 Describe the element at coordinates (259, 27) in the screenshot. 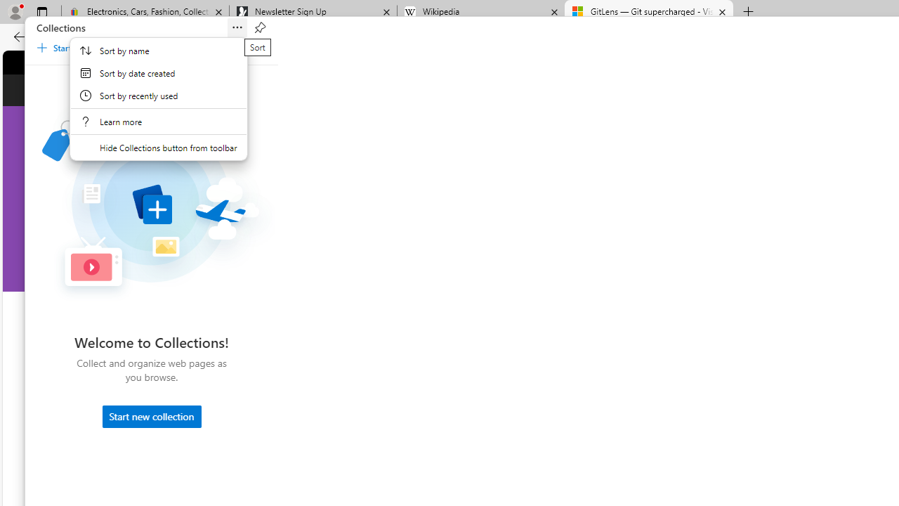

I see `'Pin Collections'` at that location.